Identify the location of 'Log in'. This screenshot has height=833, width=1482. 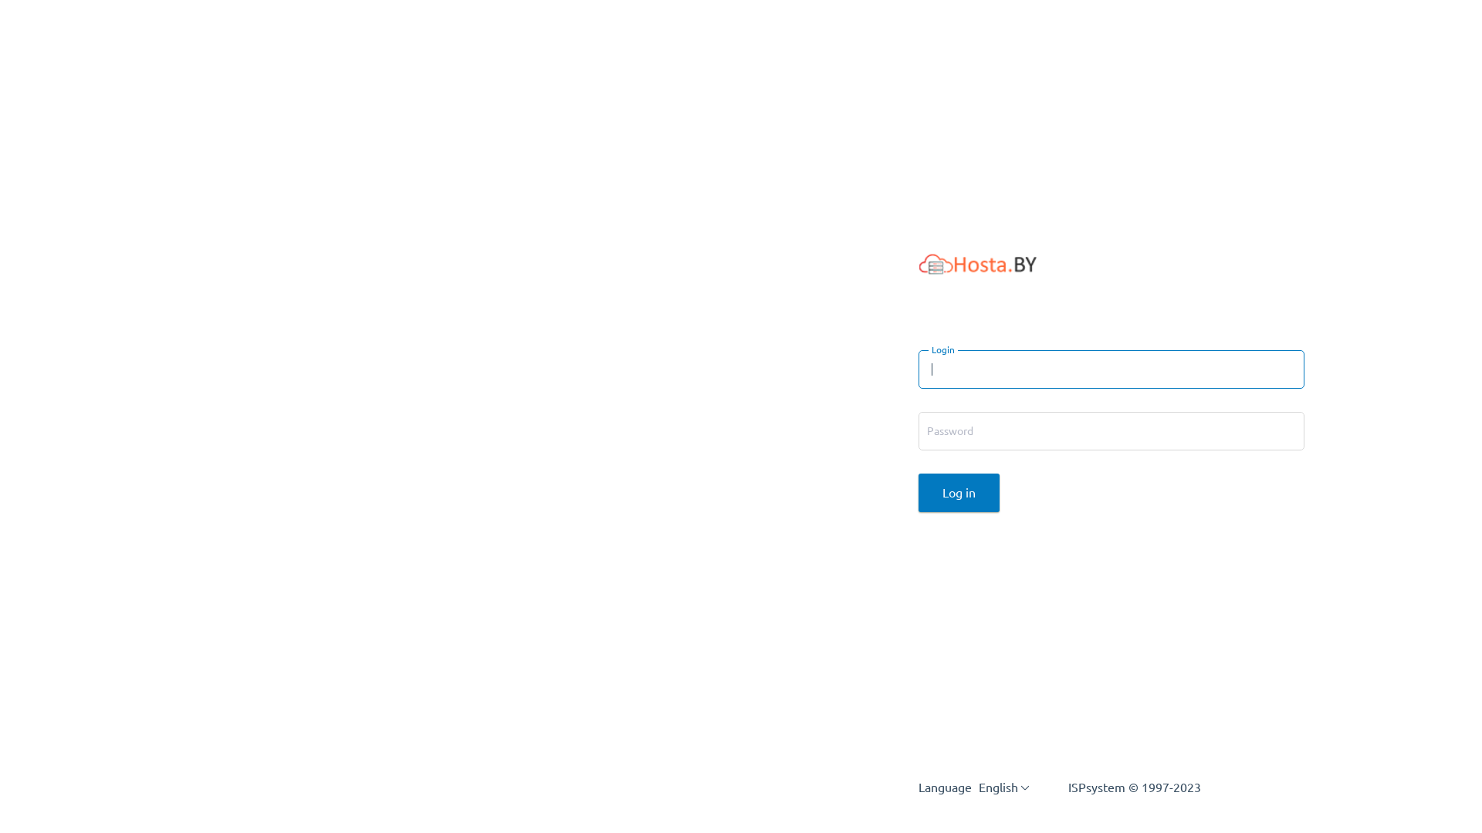
(958, 493).